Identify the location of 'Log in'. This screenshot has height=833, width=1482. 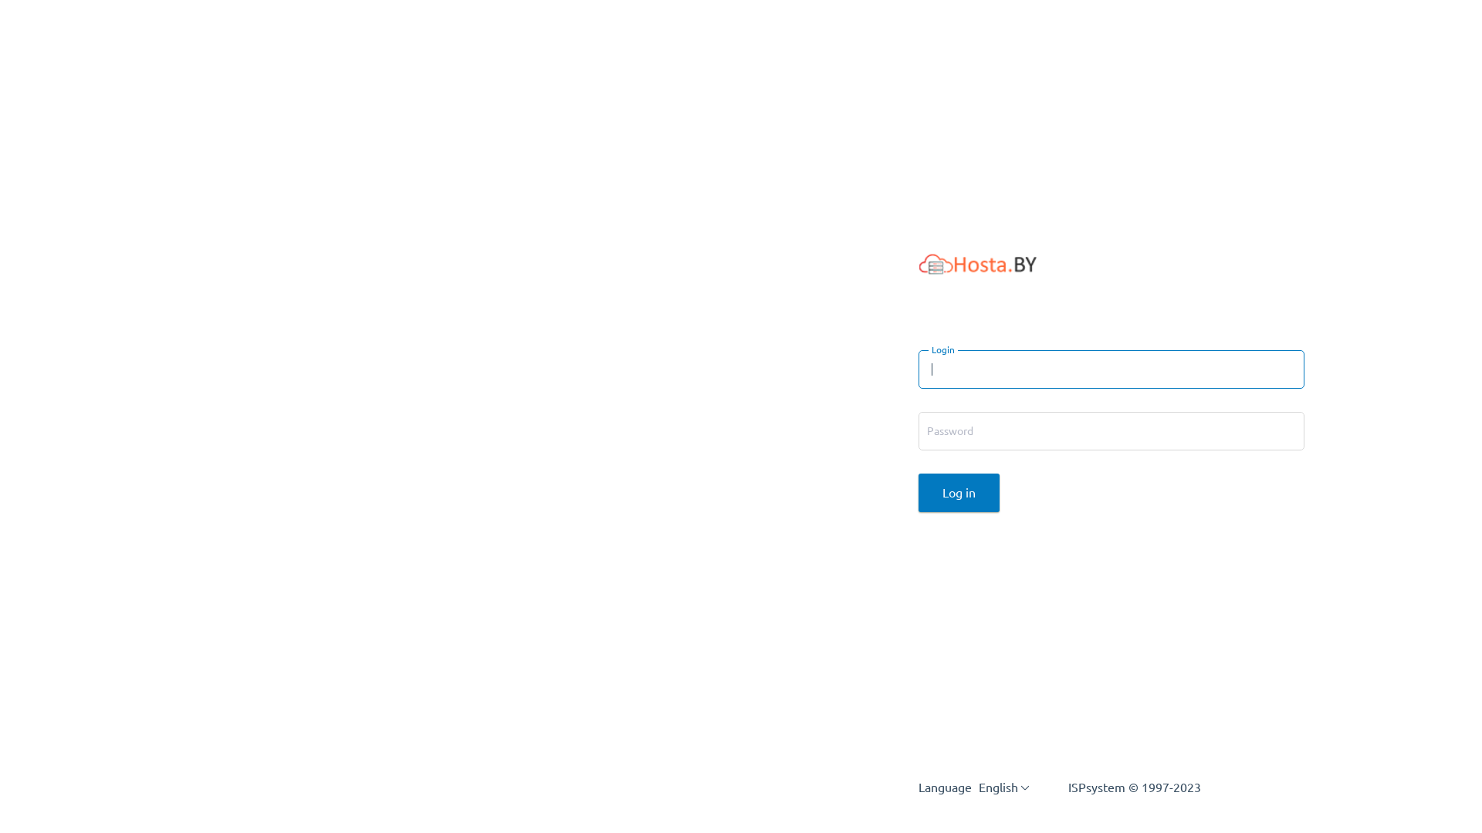
(958, 493).